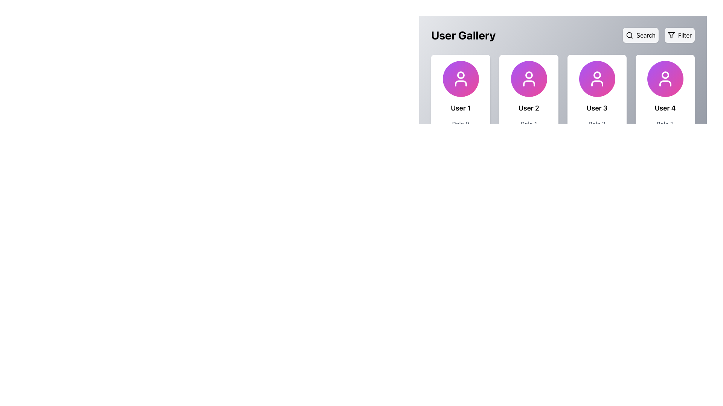 The height and width of the screenshot is (406, 723). What do you see at coordinates (640, 35) in the screenshot?
I see `the first interactive button in the top-right corner of the horizontal bar` at bounding box center [640, 35].